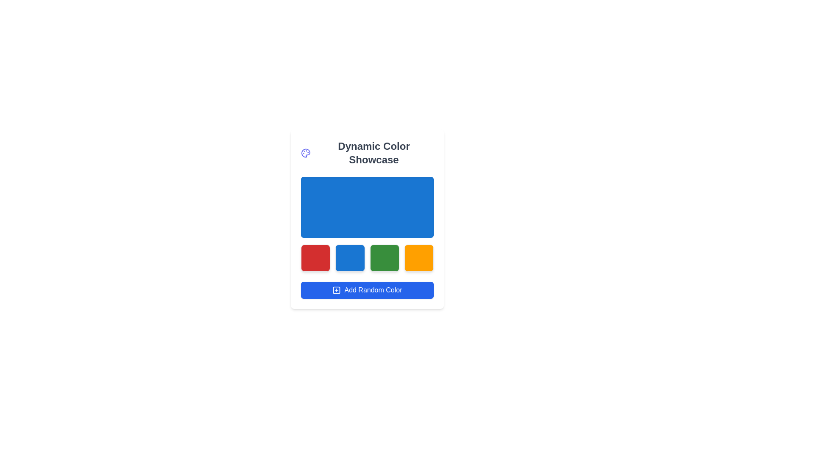 This screenshot has width=814, height=457. What do you see at coordinates (336, 290) in the screenshot?
I see `the Decorative Icon, a small blue square with rounded corners located at the center of the 'Add Random Color' button` at bounding box center [336, 290].